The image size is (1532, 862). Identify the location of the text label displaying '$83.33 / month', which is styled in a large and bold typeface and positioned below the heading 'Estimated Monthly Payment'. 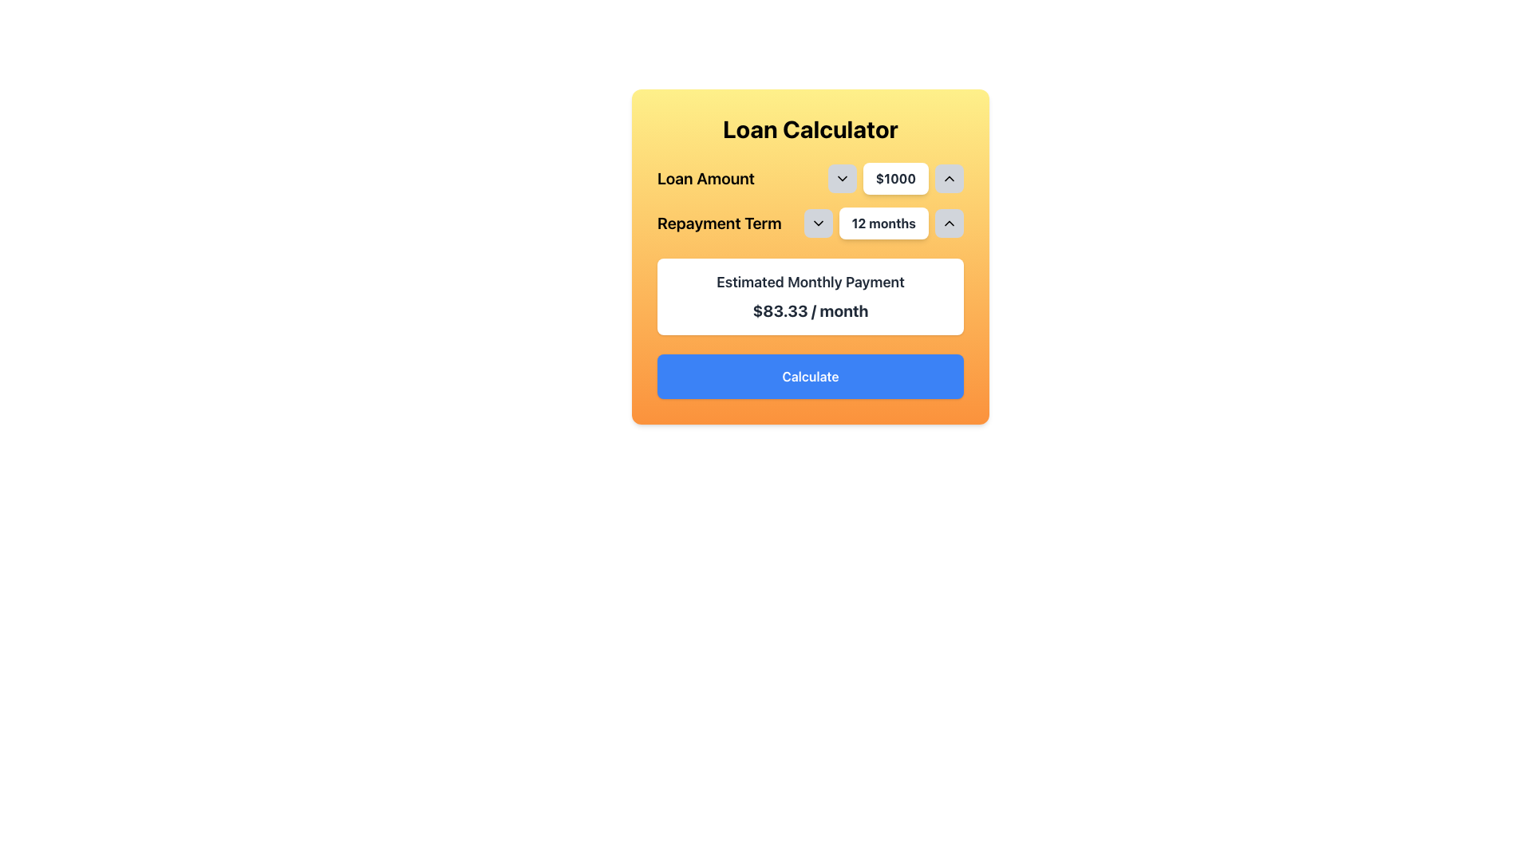
(811, 310).